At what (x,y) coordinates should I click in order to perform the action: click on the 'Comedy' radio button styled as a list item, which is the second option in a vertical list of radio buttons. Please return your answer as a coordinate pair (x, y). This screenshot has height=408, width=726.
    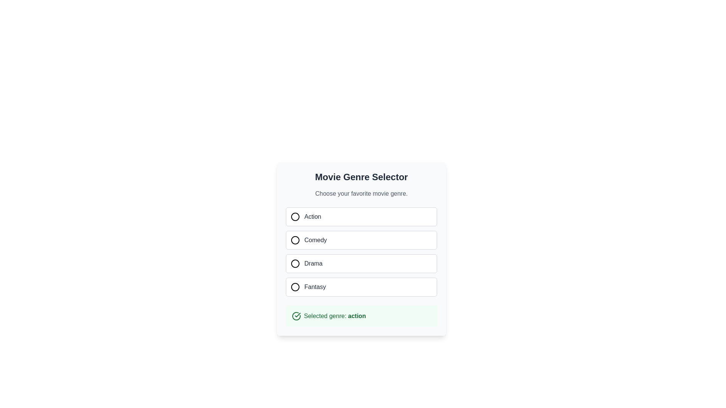
    Looking at the image, I should click on (361, 249).